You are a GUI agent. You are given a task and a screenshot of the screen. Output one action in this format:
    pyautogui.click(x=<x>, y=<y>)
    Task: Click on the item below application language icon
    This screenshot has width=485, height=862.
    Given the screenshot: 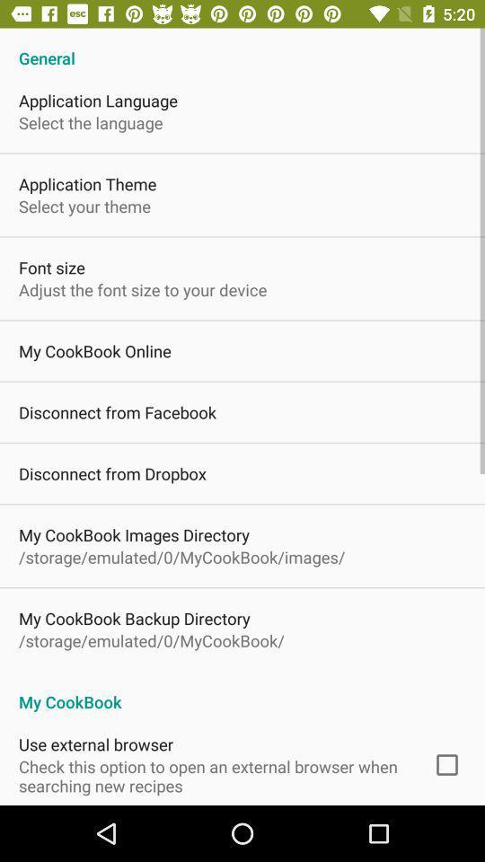 What is the action you would take?
    pyautogui.click(x=90, y=121)
    